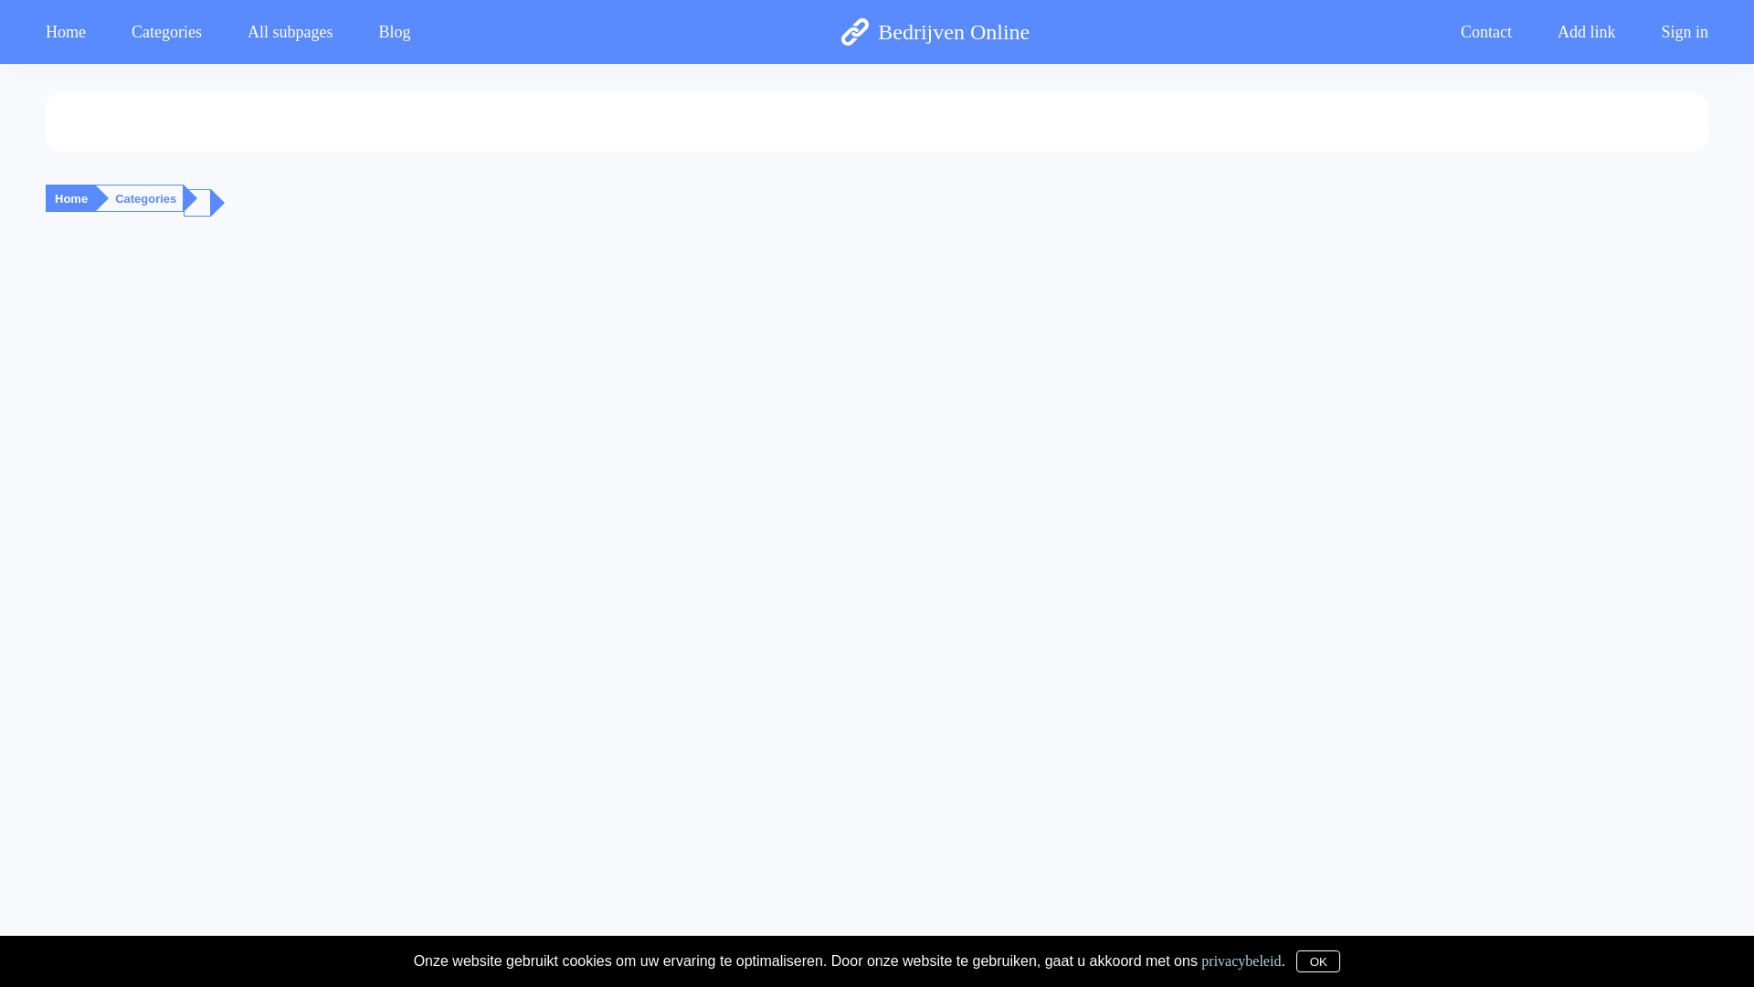  I want to click on 'privacybeleid', so click(1241, 959).